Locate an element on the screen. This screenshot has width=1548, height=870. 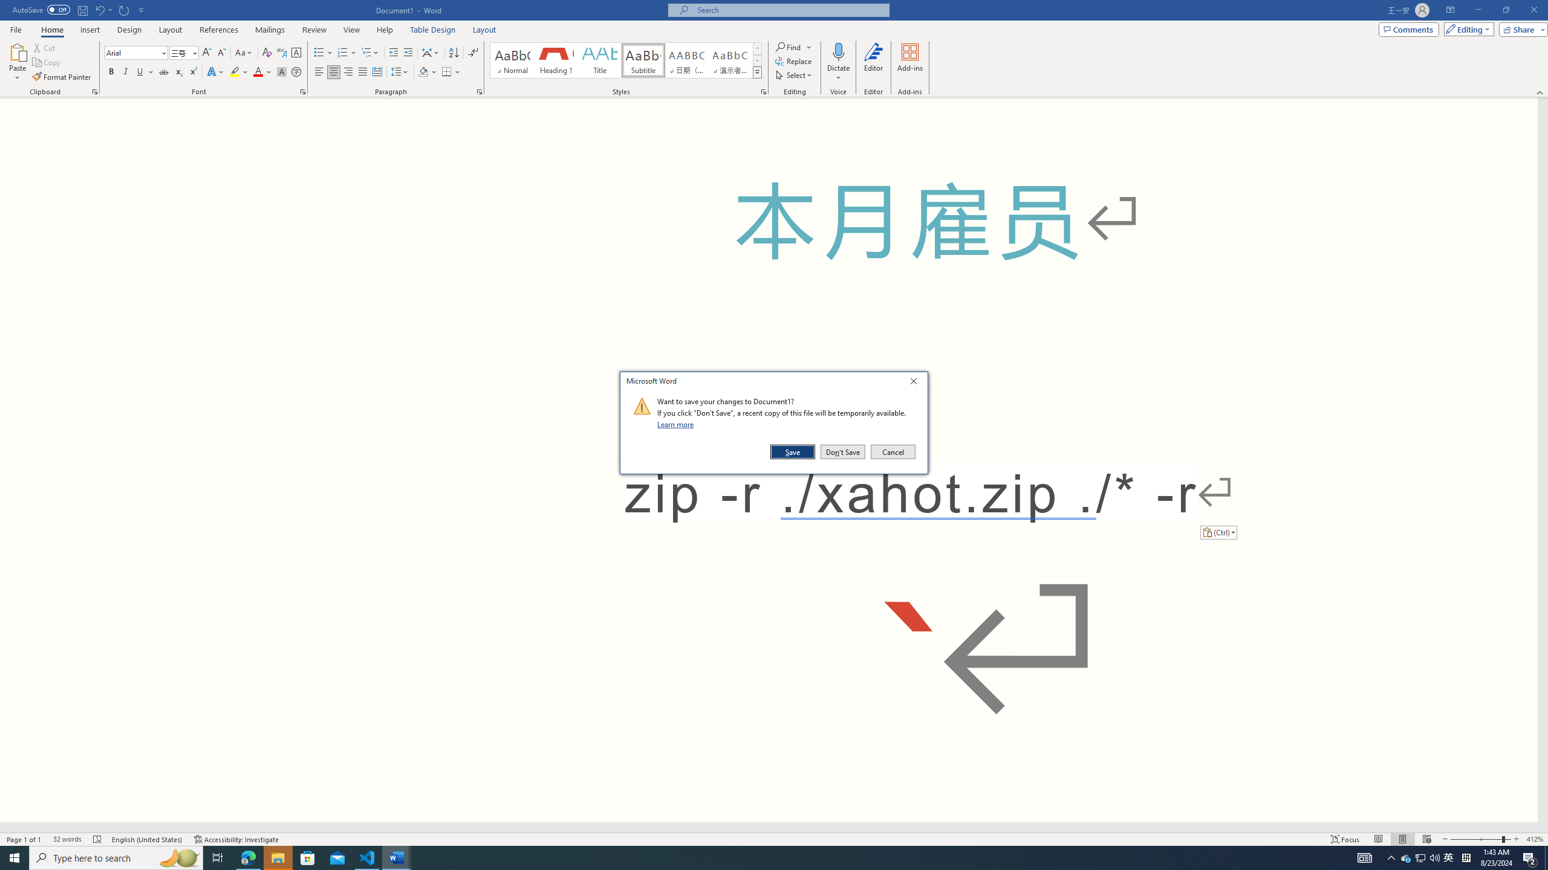
'Phonetic Guide...' is located at coordinates (281, 53).